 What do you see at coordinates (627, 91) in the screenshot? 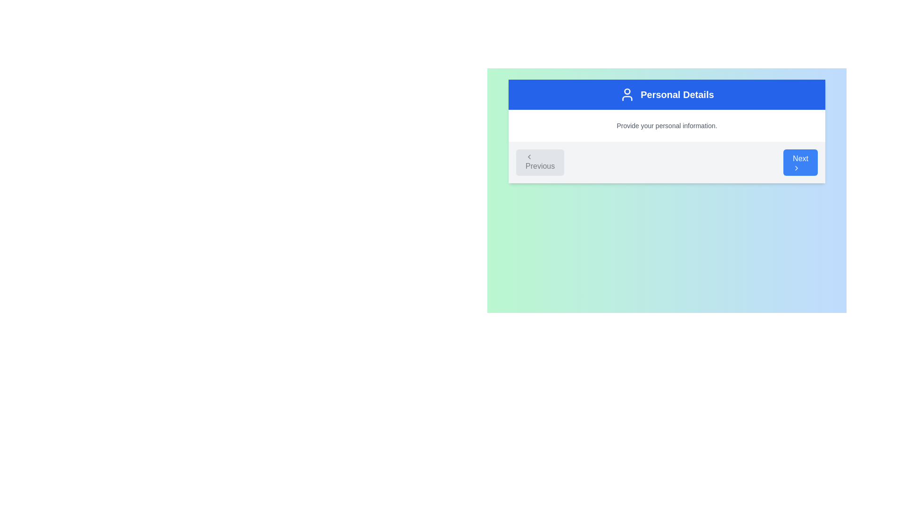
I see `the circular Decorative SVG graphic representing a user's head, located in the upper blue banner near the 'Personal Details' title` at bounding box center [627, 91].